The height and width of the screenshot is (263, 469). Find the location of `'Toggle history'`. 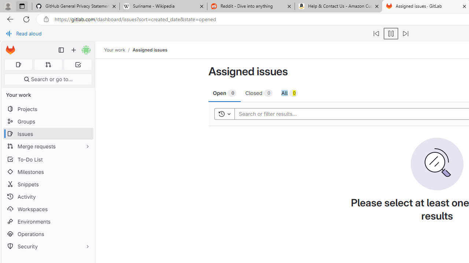

'Toggle history' is located at coordinates (224, 114).